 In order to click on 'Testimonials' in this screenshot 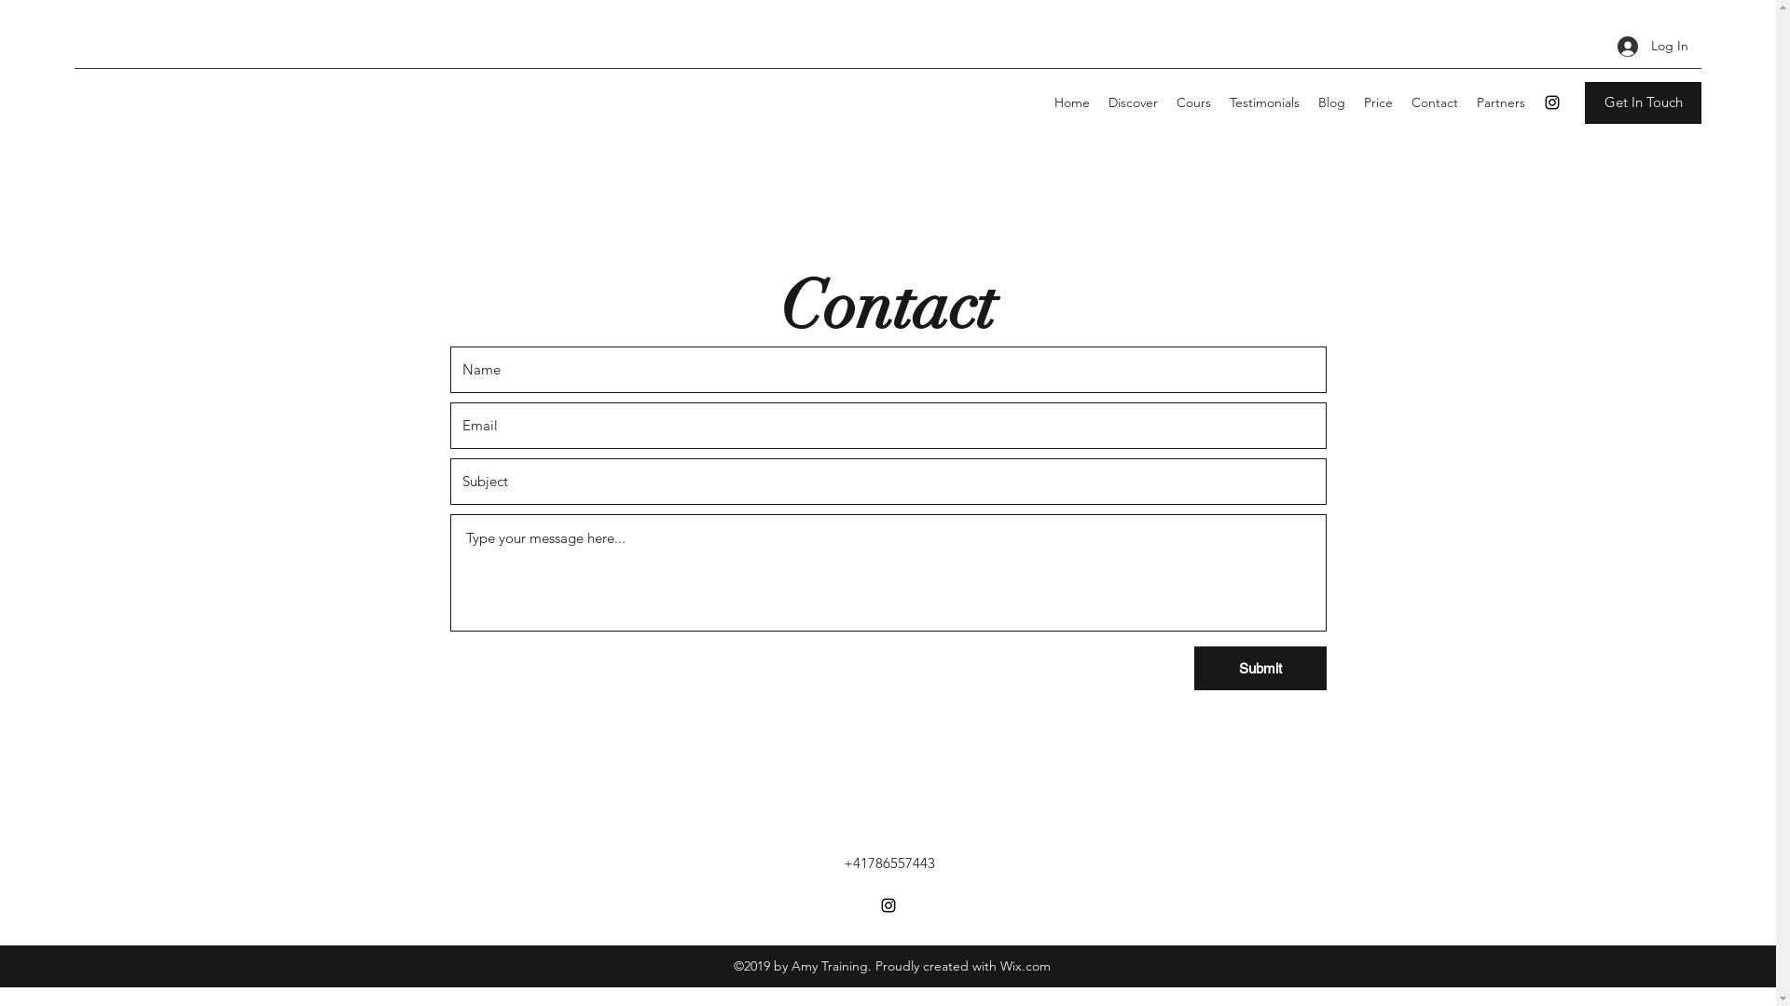, I will do `click(1264, 102)`.